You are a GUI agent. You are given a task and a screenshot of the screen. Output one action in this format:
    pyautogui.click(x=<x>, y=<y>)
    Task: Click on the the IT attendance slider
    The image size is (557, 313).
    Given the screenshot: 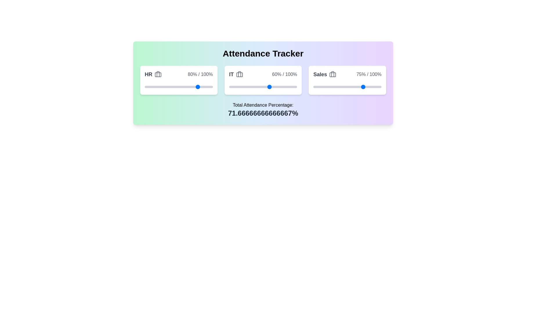 What is the action you would take?
    pyautogui.click(x=234, y=87)
    